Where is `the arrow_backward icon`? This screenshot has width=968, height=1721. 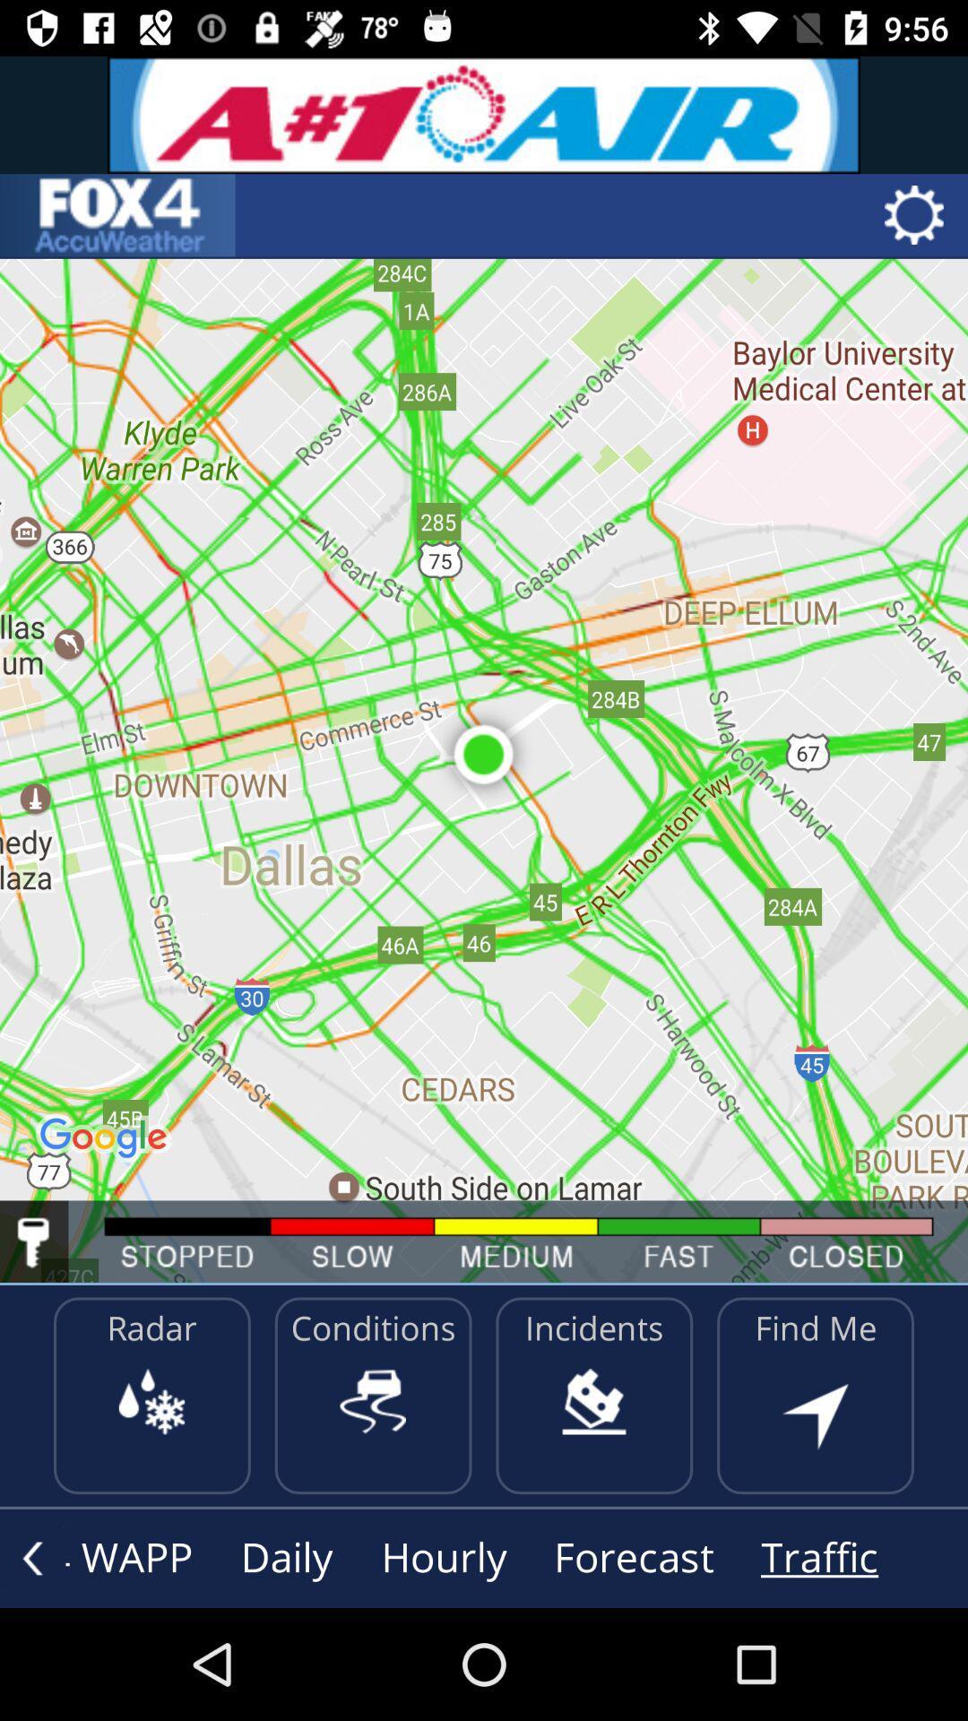
the arrow_backward icon is located at coordinates (32, 1557).